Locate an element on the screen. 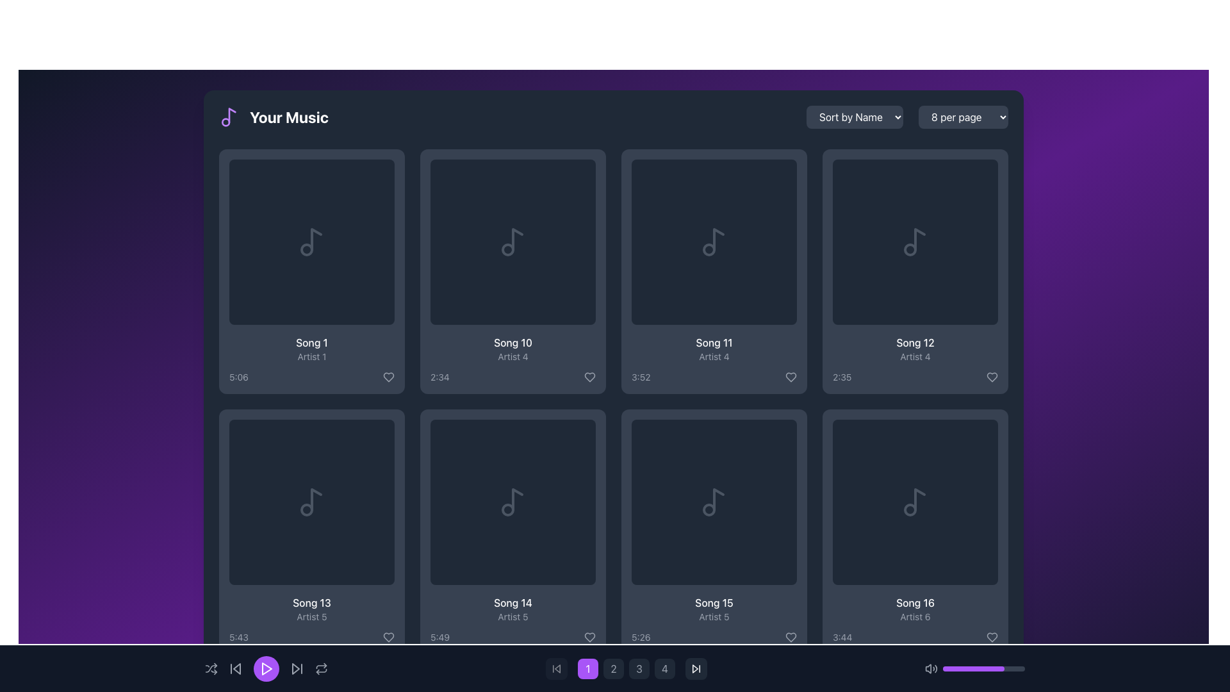  the heart-shaped icon button in the bottom-right corner of the 'Song 15' card is located at coordinates (790, 638).